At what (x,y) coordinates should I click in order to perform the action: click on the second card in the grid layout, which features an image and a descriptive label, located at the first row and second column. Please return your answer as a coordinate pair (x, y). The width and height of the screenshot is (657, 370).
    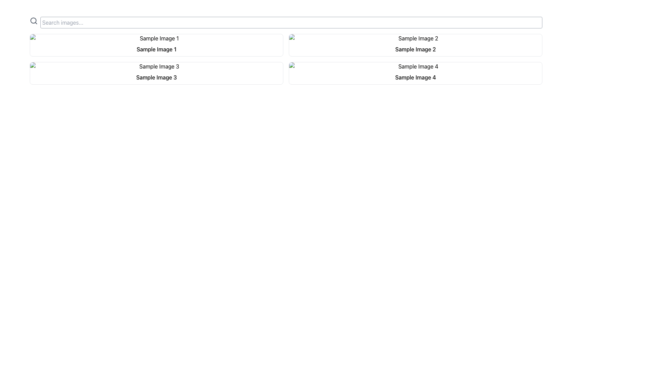
    Looking at the image, I should click on (415, 45).